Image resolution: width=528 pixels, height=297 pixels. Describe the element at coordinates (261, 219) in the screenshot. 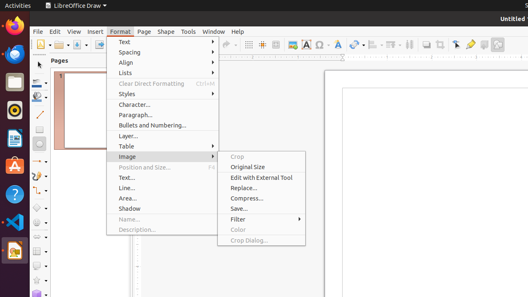

I see `'Filter'` at that location.